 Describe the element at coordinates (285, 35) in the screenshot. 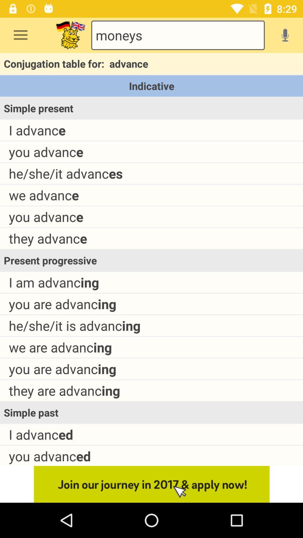

I see `voice sound` at that location.